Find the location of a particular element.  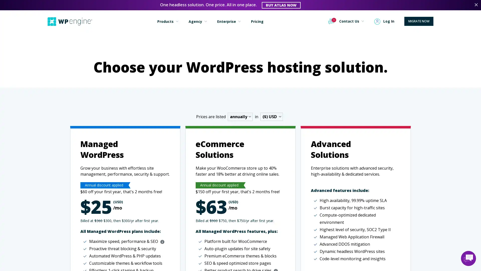

BUY ATLAS NOW is located at coordinates (281, 5).